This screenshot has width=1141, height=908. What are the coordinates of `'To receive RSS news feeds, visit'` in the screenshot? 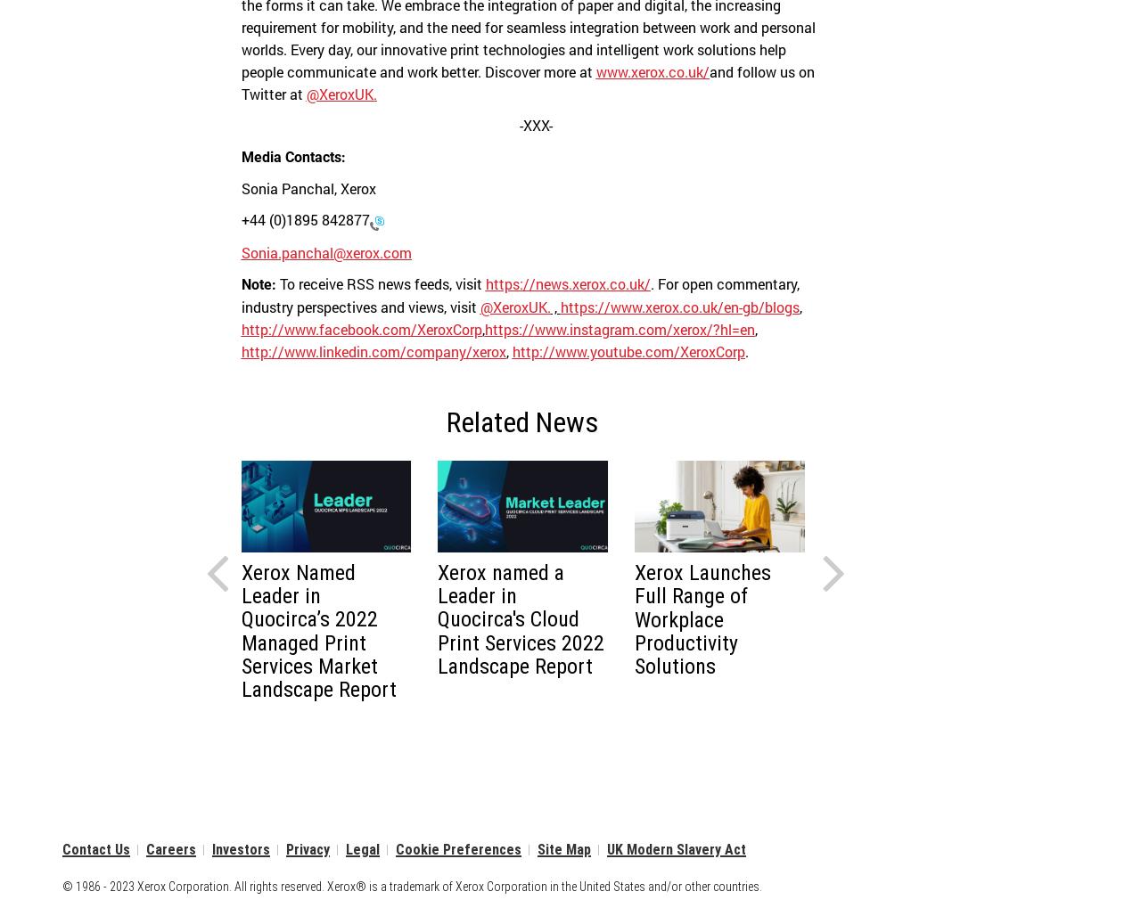 It's located at (379, 282).